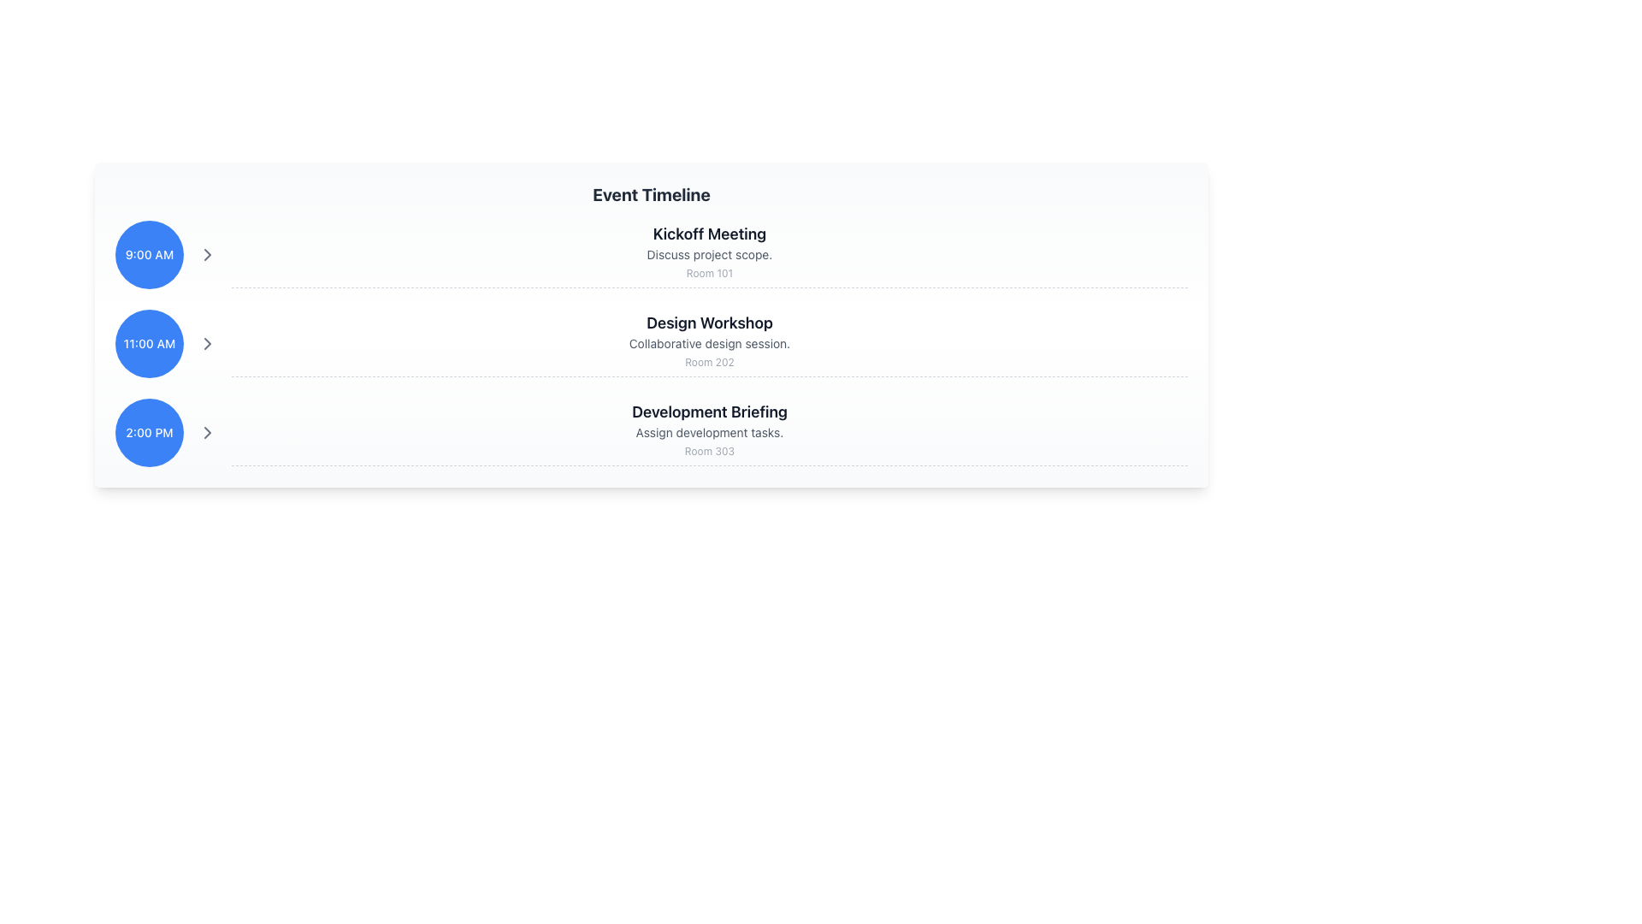 This screenshot has height=924, width=1642. What do you see at coordinates (207, 431) in the screenshot?
I see `the rightward chevron arrow icon associated with the '2:00 PM Development Briefing' event to indicate interactivity` at bounding box center [207, 431].